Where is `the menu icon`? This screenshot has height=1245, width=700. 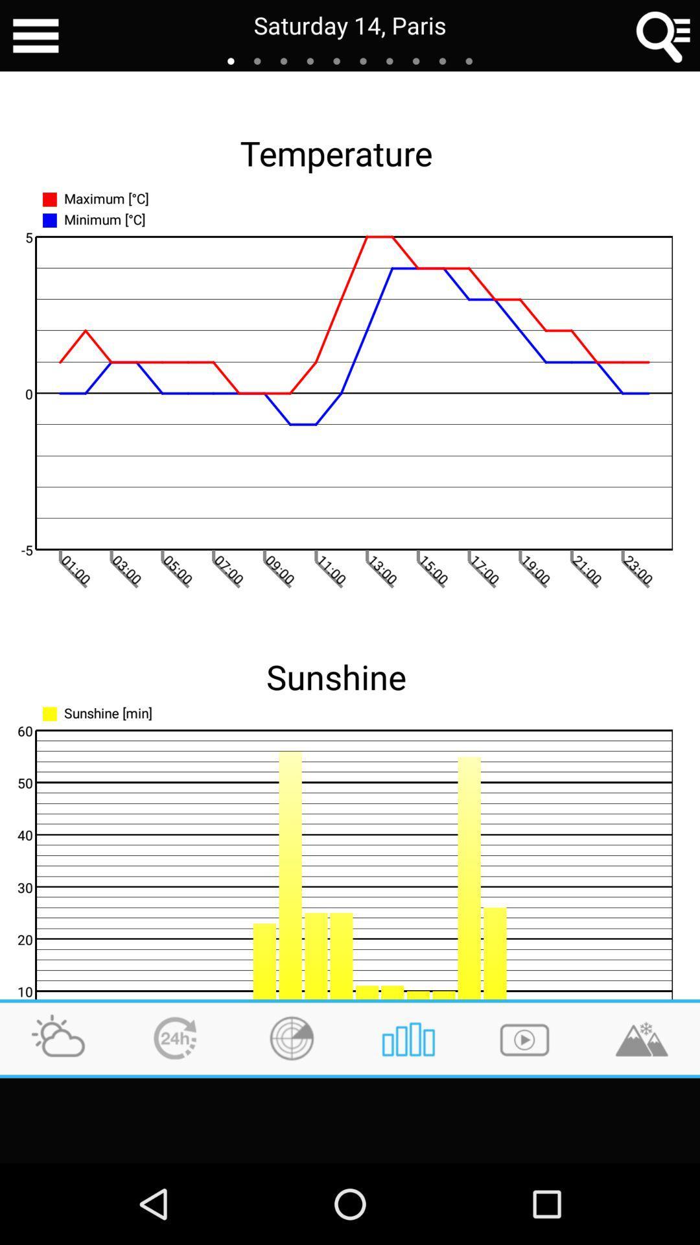
the menu icon is located at coordinates (35, 38).